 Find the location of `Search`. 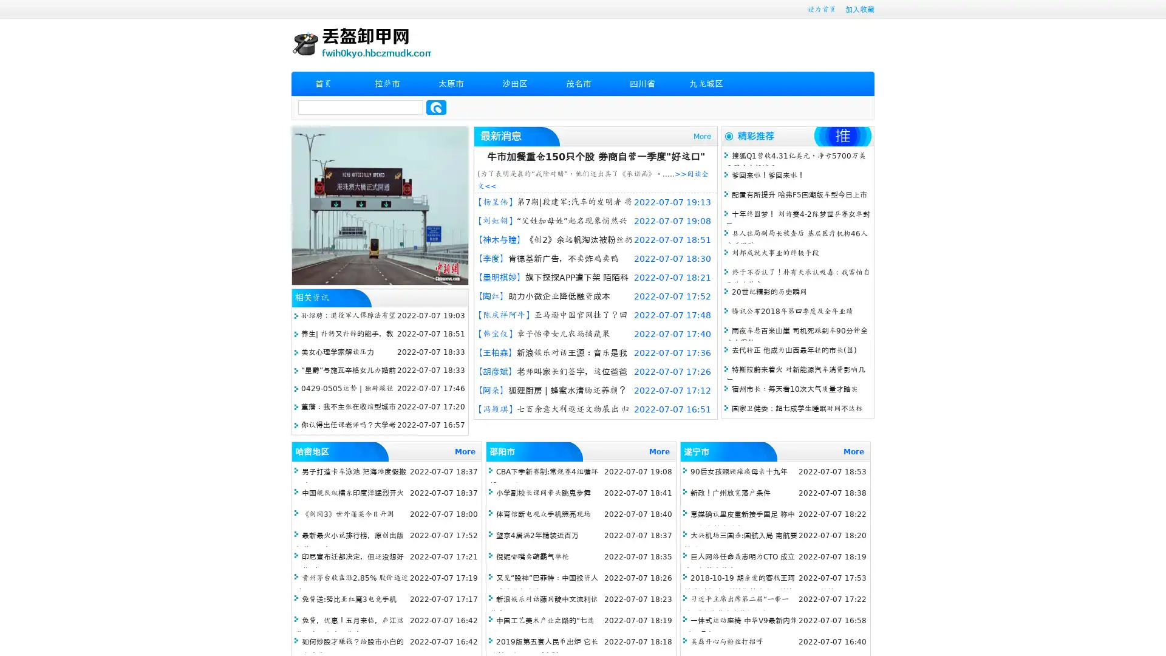

Search is located at coordinates (436, 107).